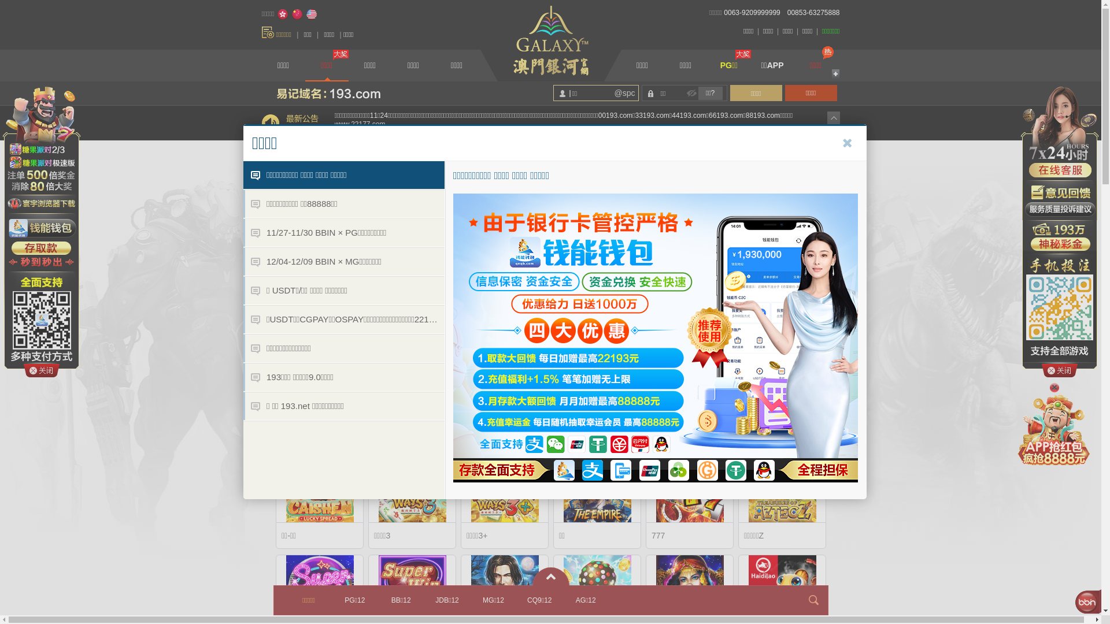 The width and height of the screenshot is (1110, 624). Describe the element at coordinates (311, 14) in the screenshot. I see `'English'` at that location.